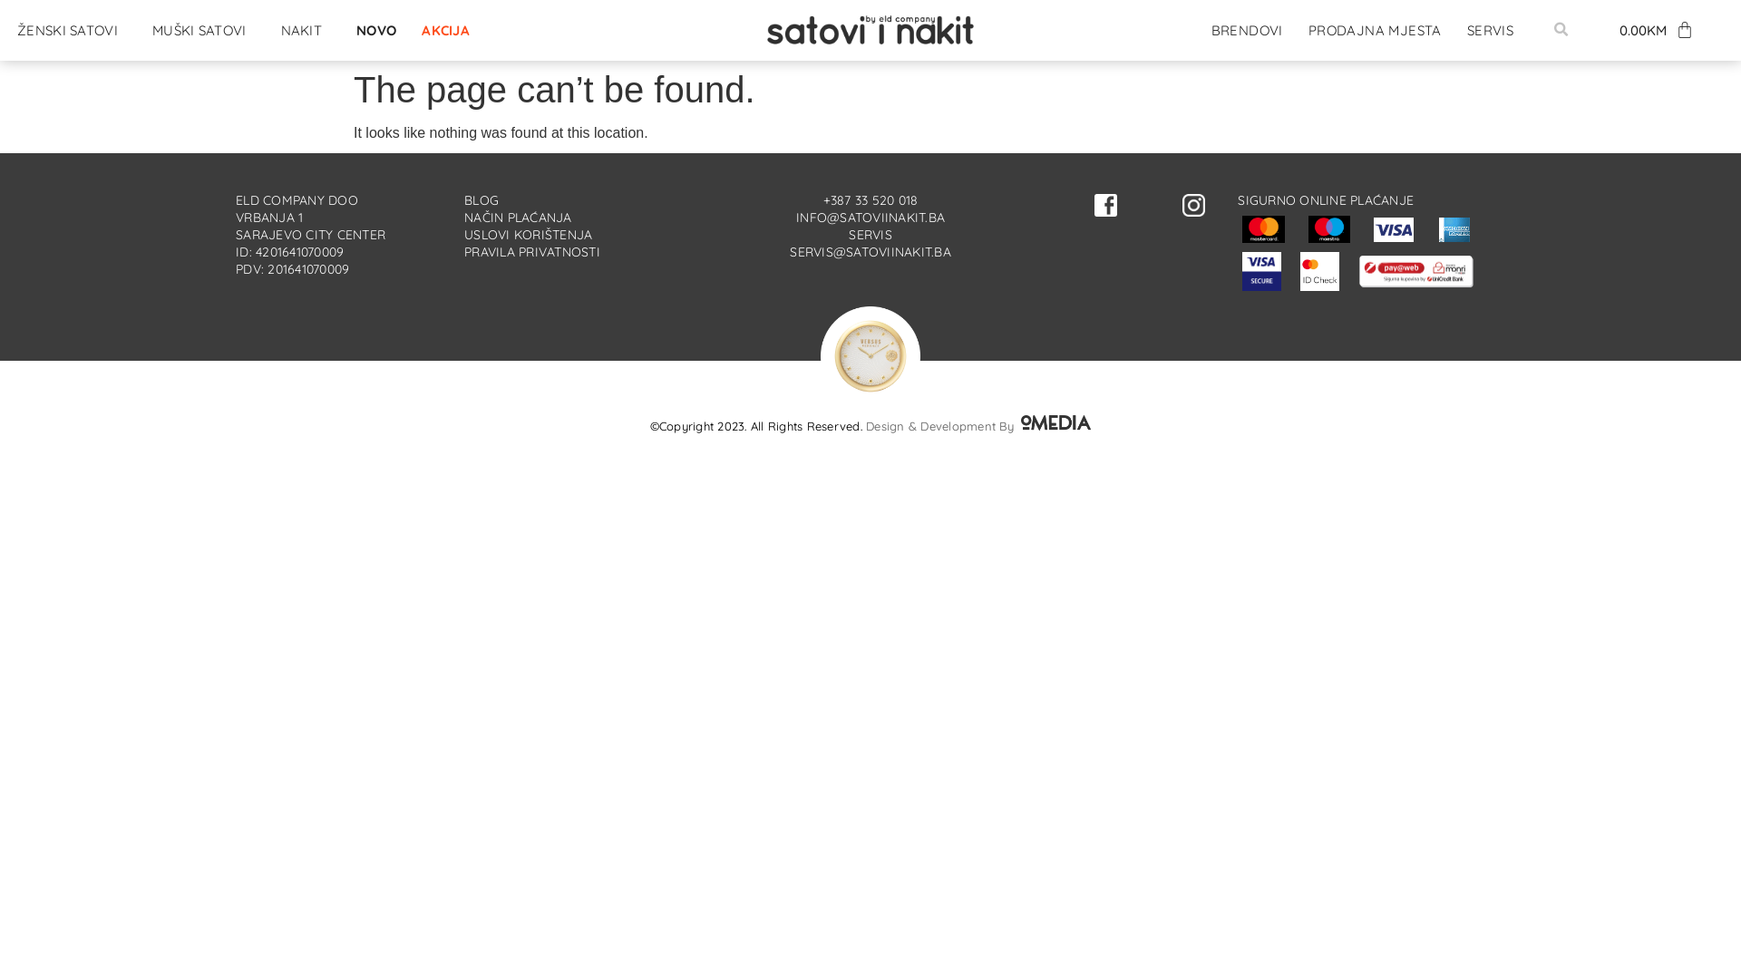 Image resolution: width=1741 pixels, height=979 pixels. I want to click on 'BRENDOVI', so click(1202, 30).